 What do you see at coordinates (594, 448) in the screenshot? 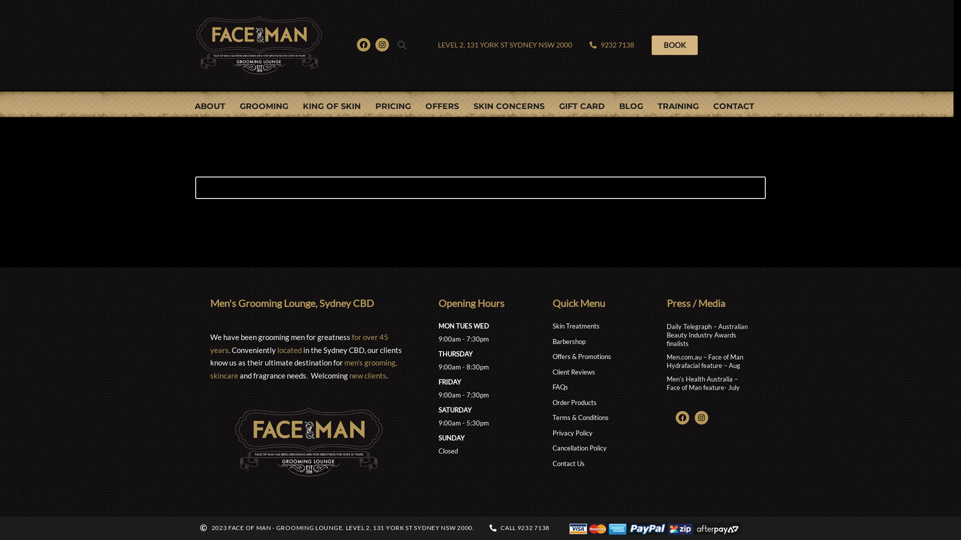
I see `'Cancellation Policy'` at bounding box center [594, 448].